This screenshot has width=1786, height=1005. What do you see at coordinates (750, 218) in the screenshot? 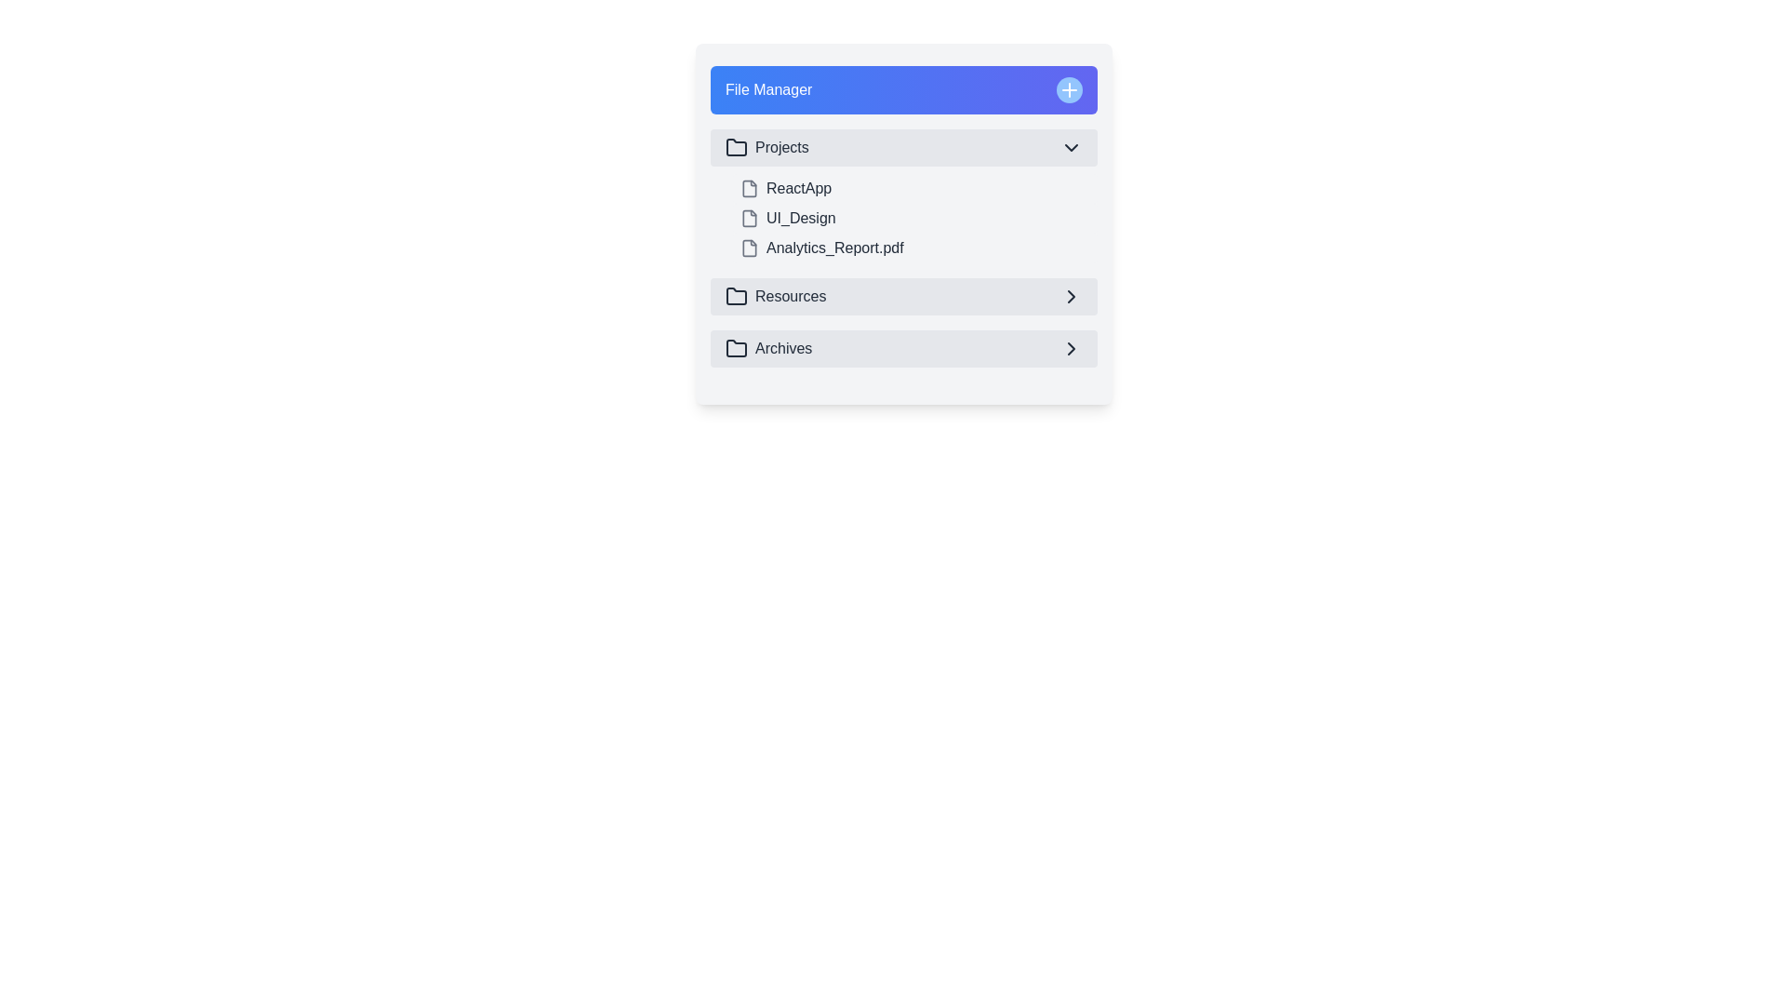
I see `the document icon representing the 'UI_Design' file entry, located adjacent to the label in the file manager interface` at bounding box center [750, 218].